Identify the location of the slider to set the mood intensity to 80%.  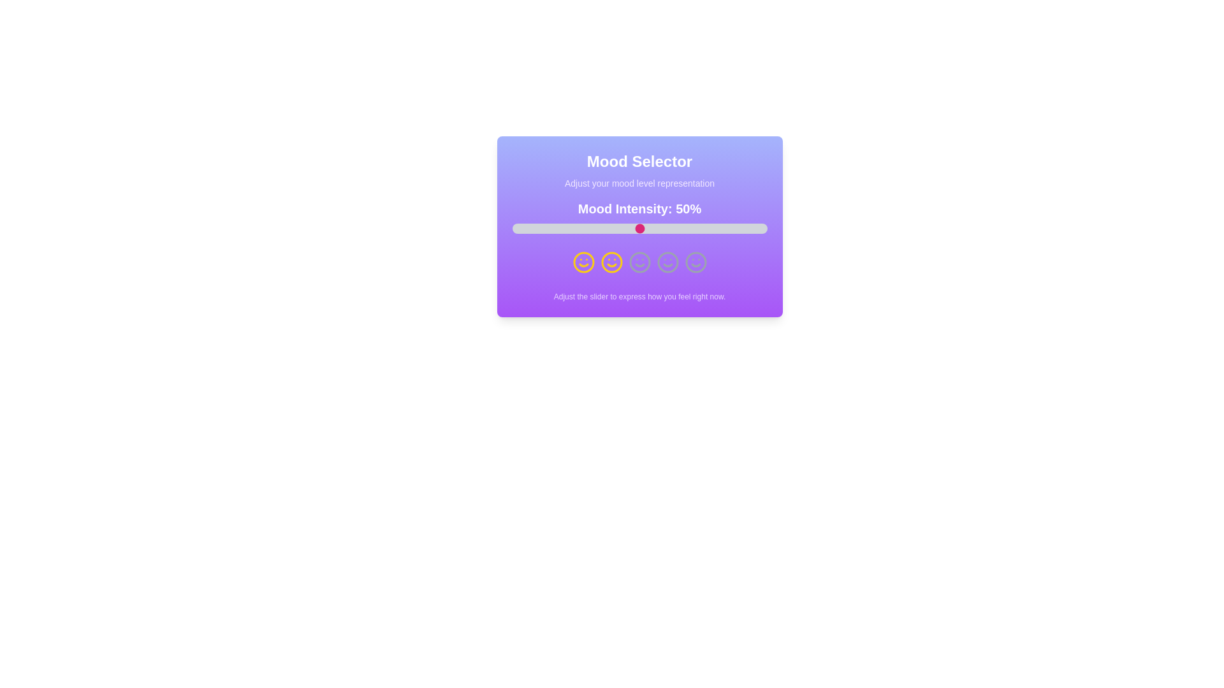
(716, 227).